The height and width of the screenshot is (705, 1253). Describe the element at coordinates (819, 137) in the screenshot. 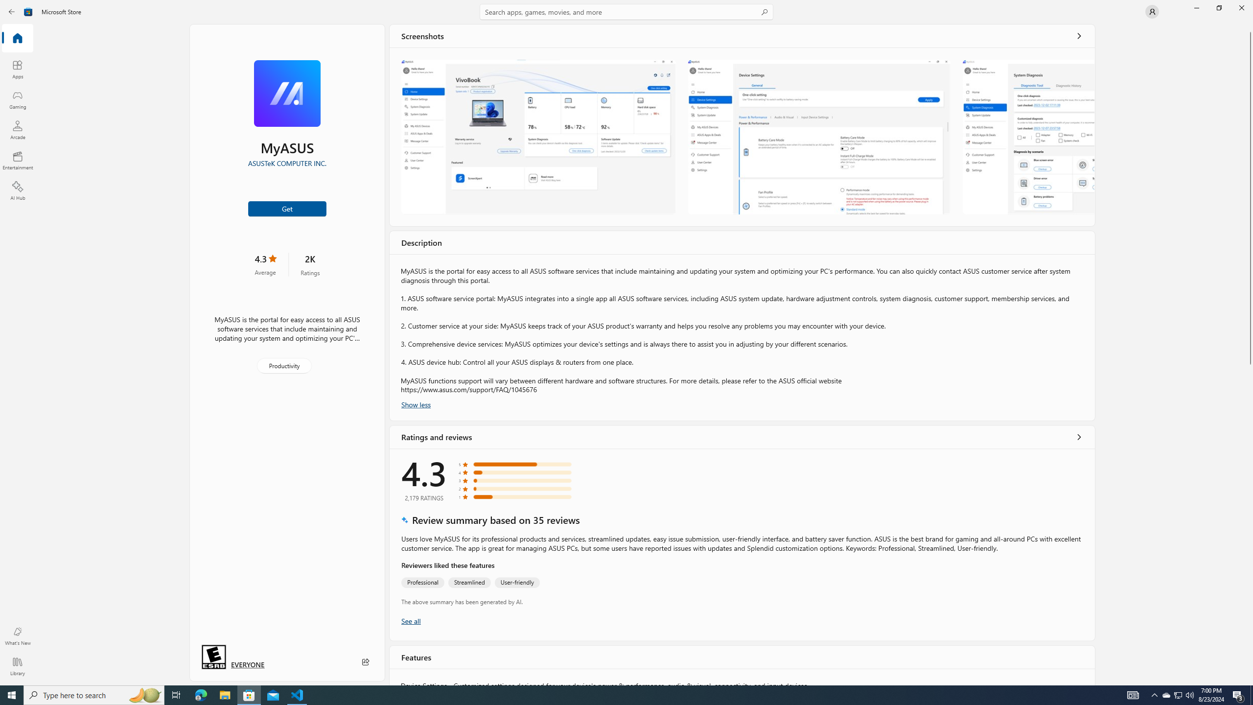

I see `'Screenshot 2'` at that location.